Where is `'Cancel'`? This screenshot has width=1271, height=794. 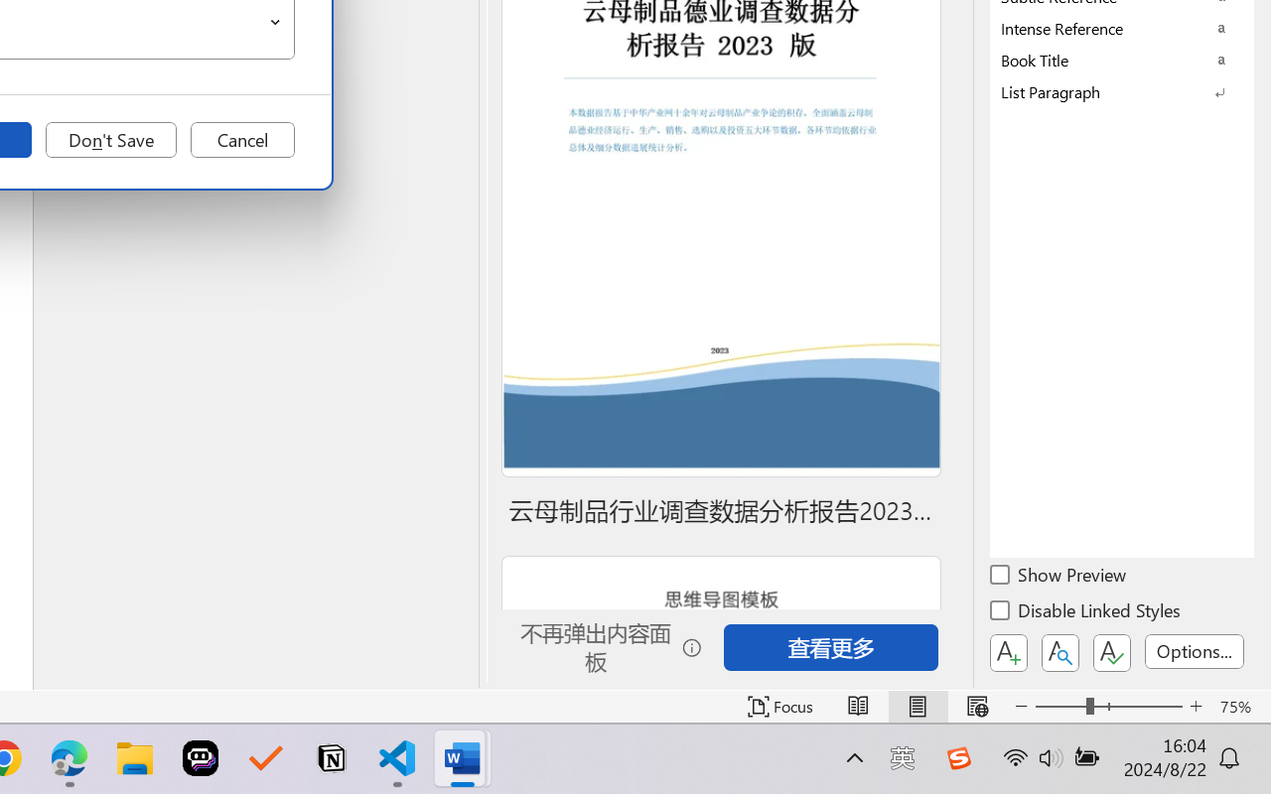
'Cancel' is located at coordinates (241, 140).